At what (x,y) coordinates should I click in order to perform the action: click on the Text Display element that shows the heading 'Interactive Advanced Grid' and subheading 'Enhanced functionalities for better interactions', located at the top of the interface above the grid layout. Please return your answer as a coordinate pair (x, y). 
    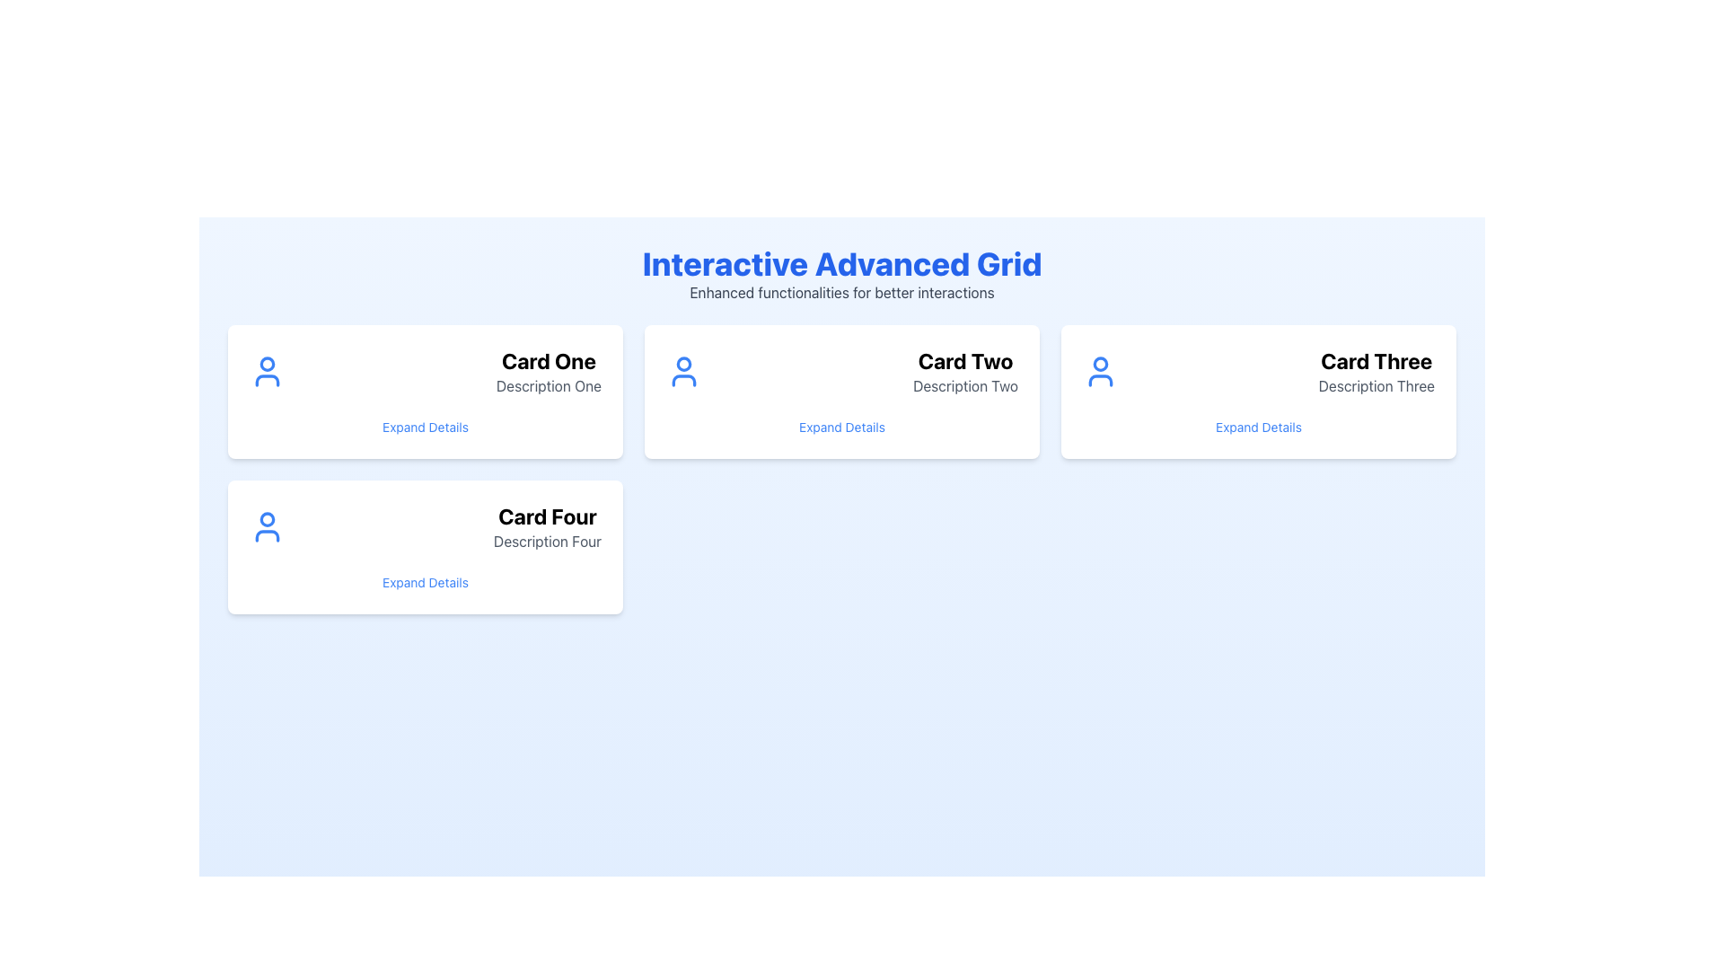
    Looking at the image, I should click on (840, 274).